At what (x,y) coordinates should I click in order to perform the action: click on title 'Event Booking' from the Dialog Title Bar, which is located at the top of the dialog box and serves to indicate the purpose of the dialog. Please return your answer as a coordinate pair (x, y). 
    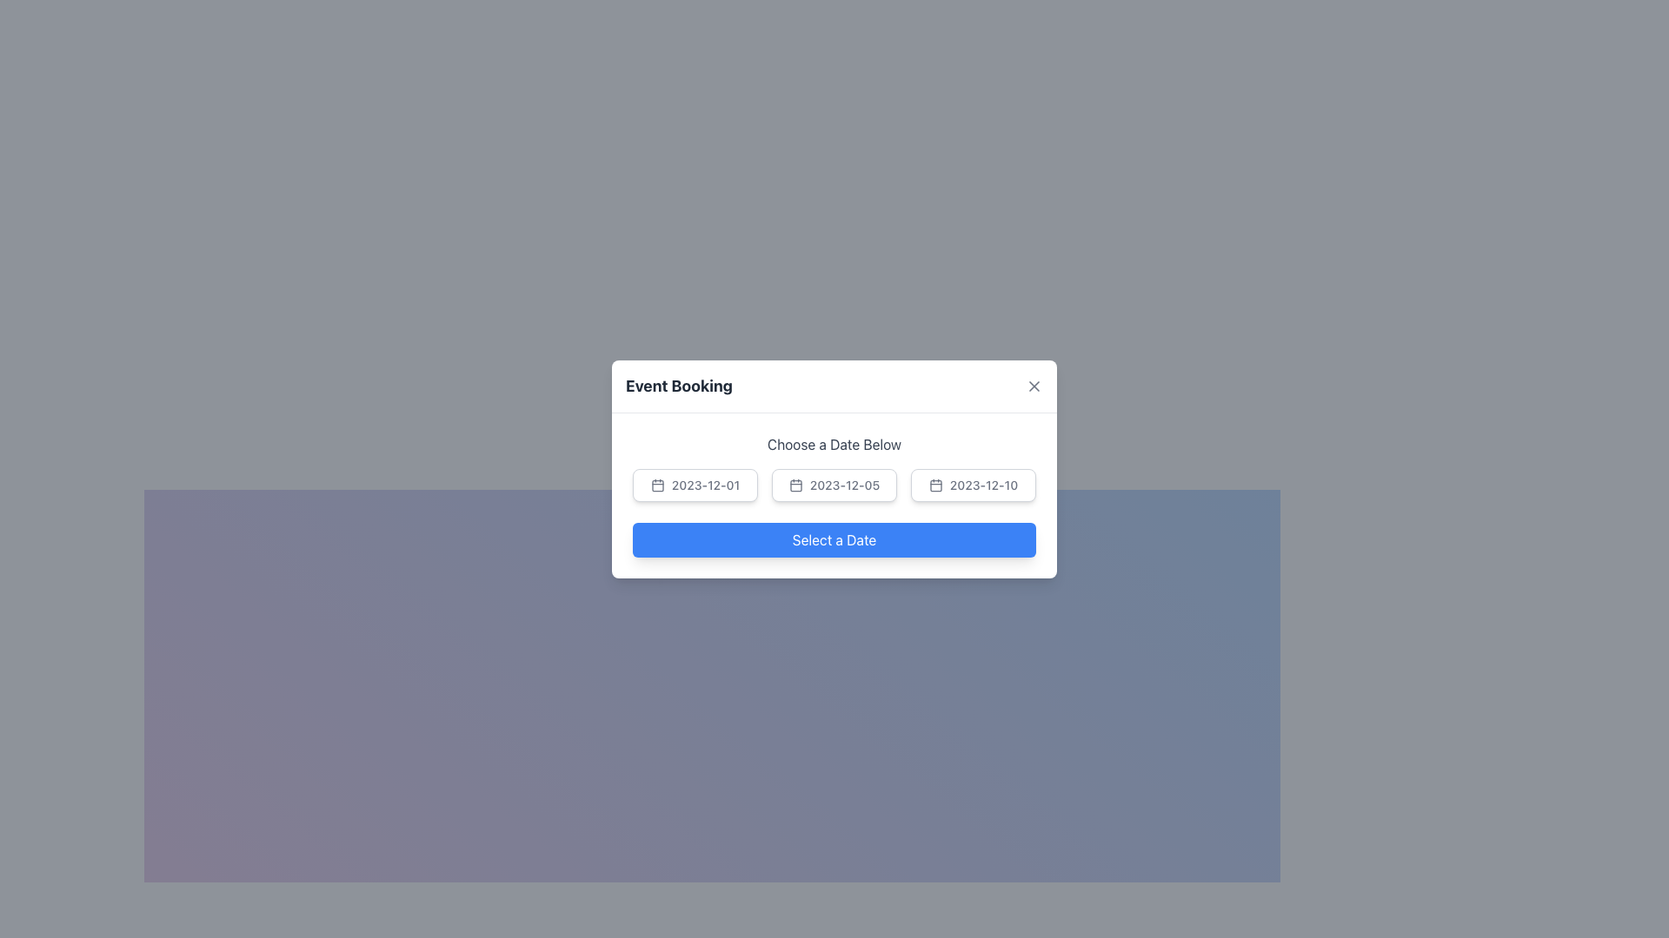
    Looking at the image, I should click on (834, 385).